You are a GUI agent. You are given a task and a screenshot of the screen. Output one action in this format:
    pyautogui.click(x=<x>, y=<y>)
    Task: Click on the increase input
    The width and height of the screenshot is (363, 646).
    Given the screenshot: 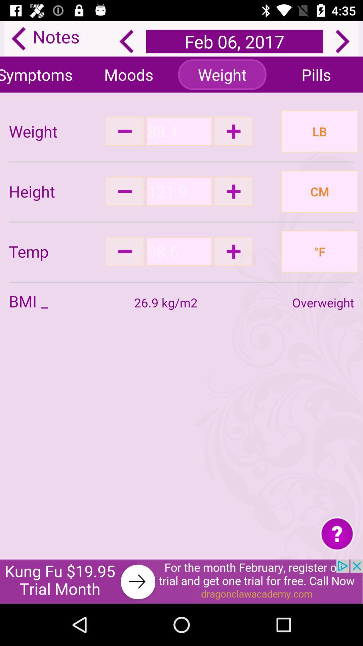 What is the action you would take?
    pyautogui.click(x=233, y=251)
    